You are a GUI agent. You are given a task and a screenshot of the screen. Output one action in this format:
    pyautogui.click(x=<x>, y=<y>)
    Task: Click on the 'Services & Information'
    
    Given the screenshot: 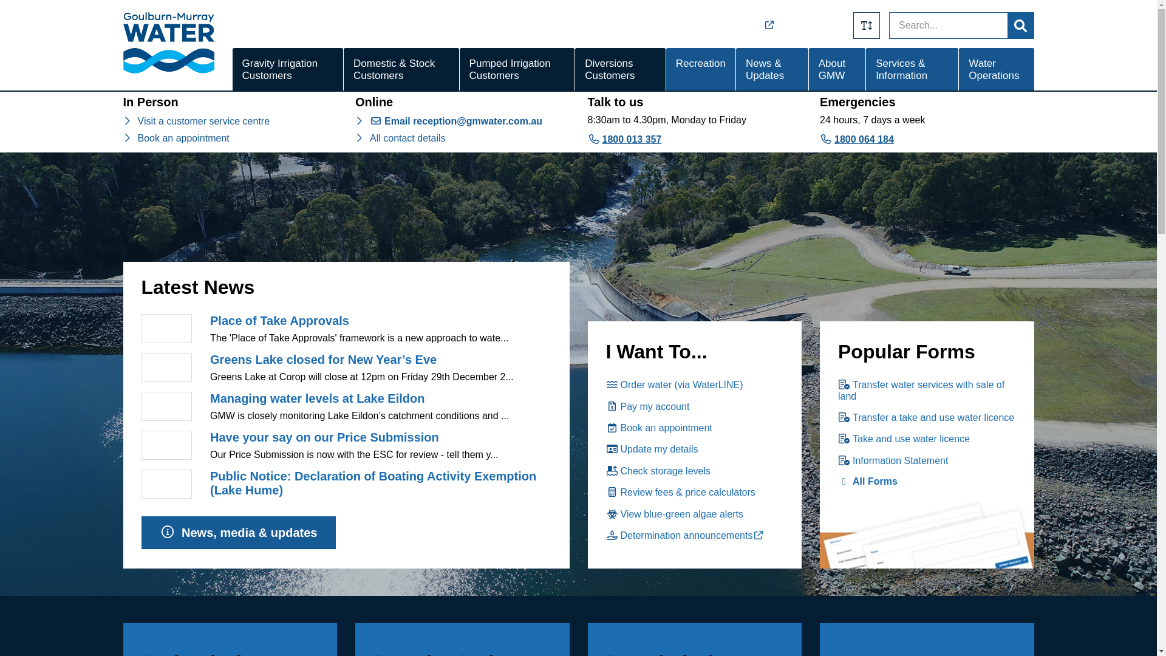 What is the action you would take?
    pyautogui.click(x=912, y=70)
    